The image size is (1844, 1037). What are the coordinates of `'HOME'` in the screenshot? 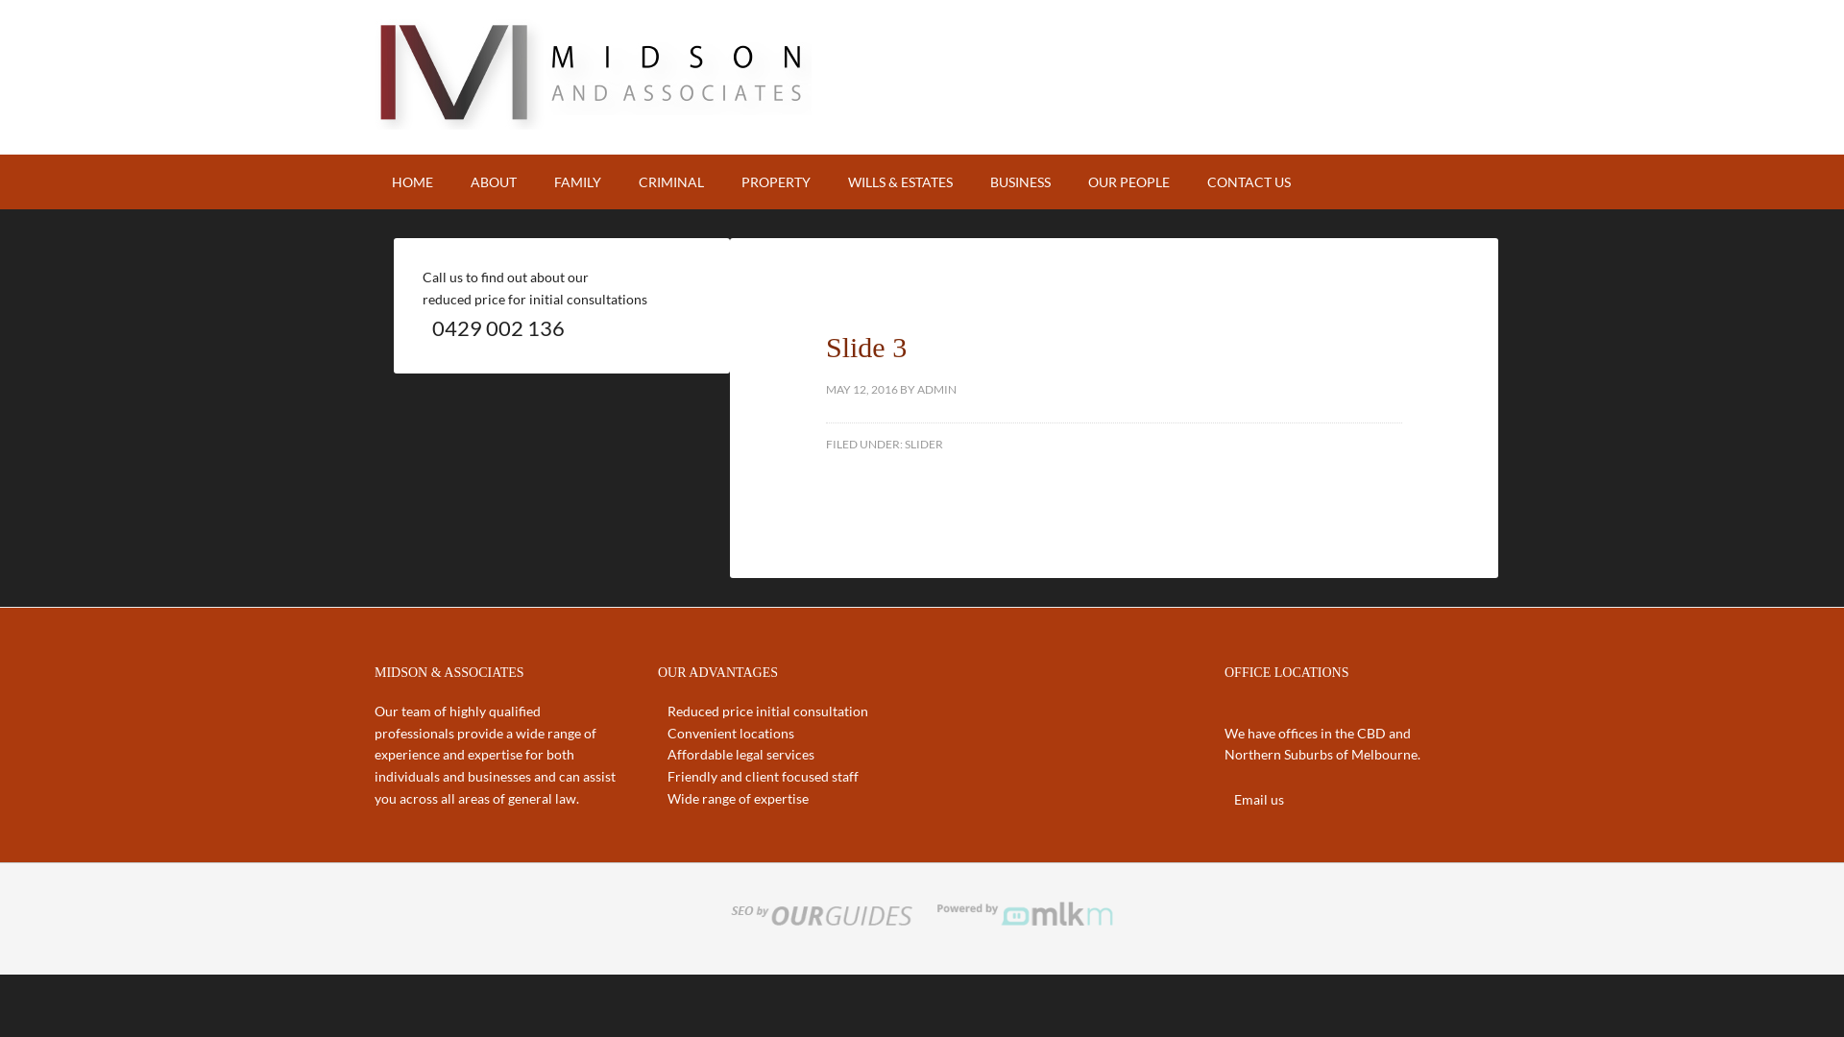 It's located at (411, 181).